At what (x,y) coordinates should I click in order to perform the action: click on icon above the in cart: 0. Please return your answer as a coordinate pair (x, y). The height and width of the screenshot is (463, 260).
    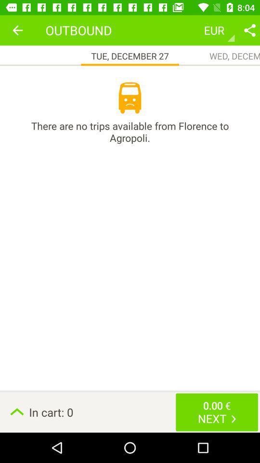
    Looking at the image, I should click on (130, 131).